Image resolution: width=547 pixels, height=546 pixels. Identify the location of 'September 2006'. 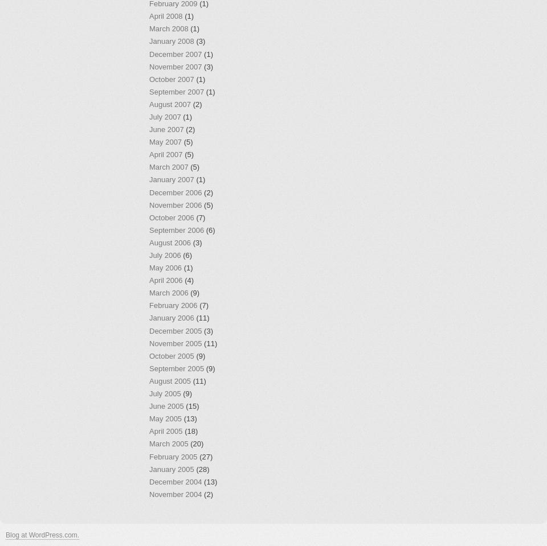
(176, 229).